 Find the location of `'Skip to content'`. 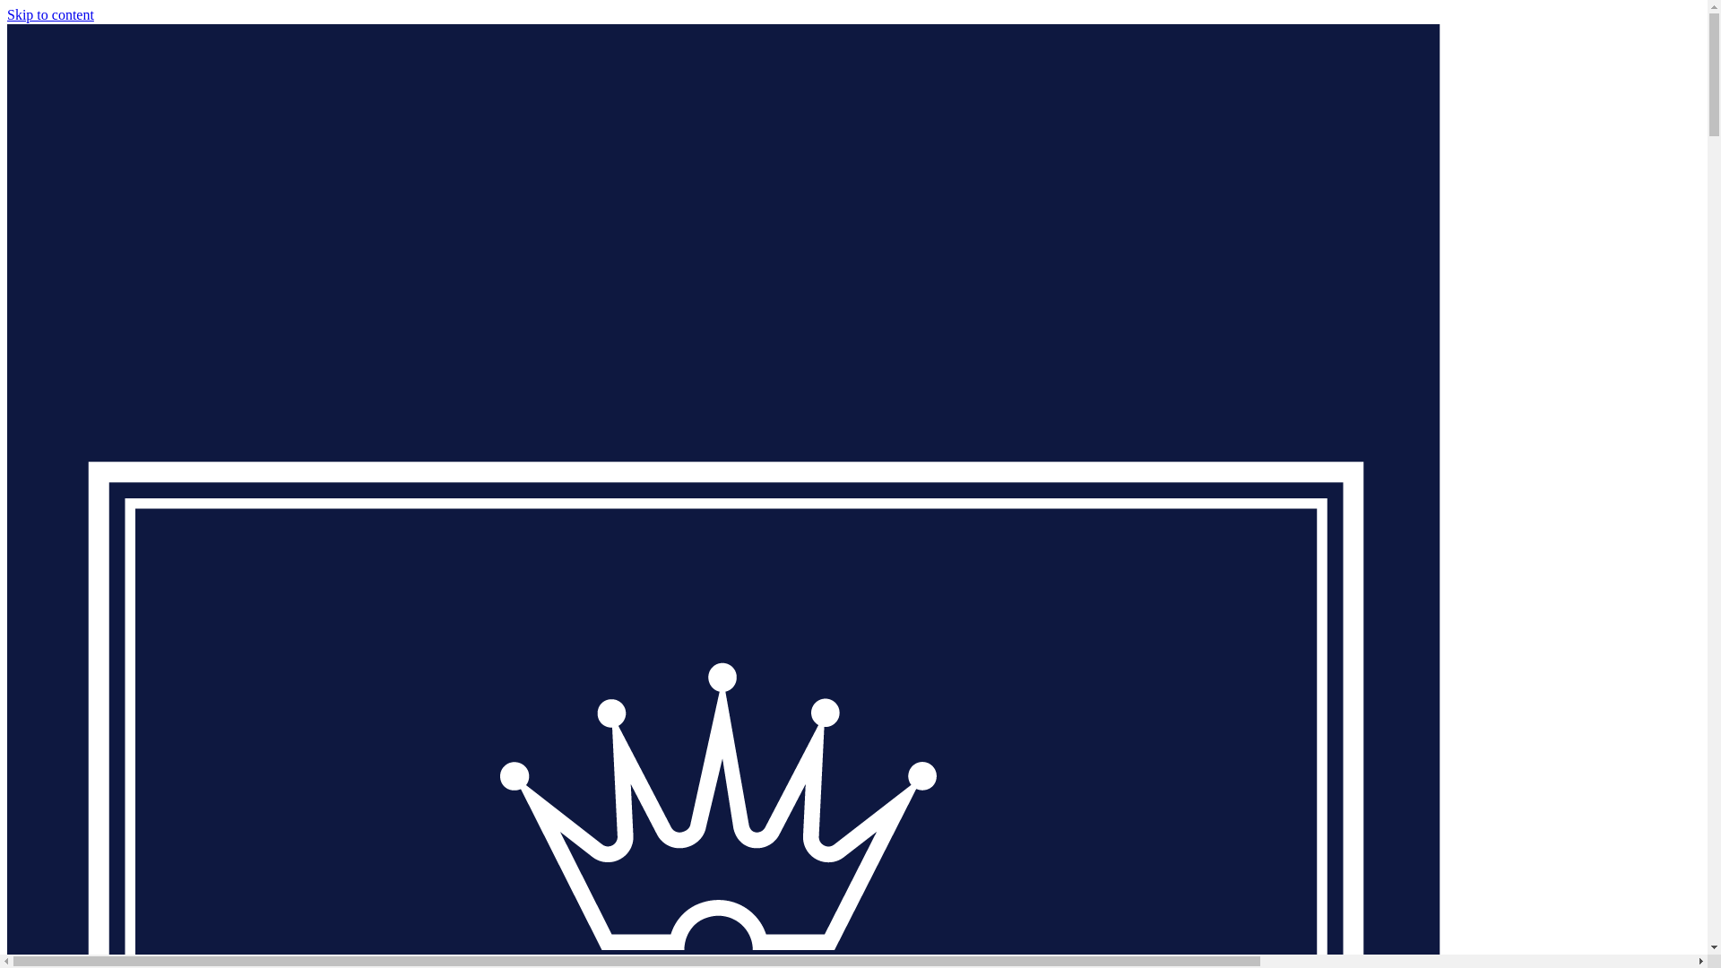

'Skip to content' is located at coordinates (50, 14).